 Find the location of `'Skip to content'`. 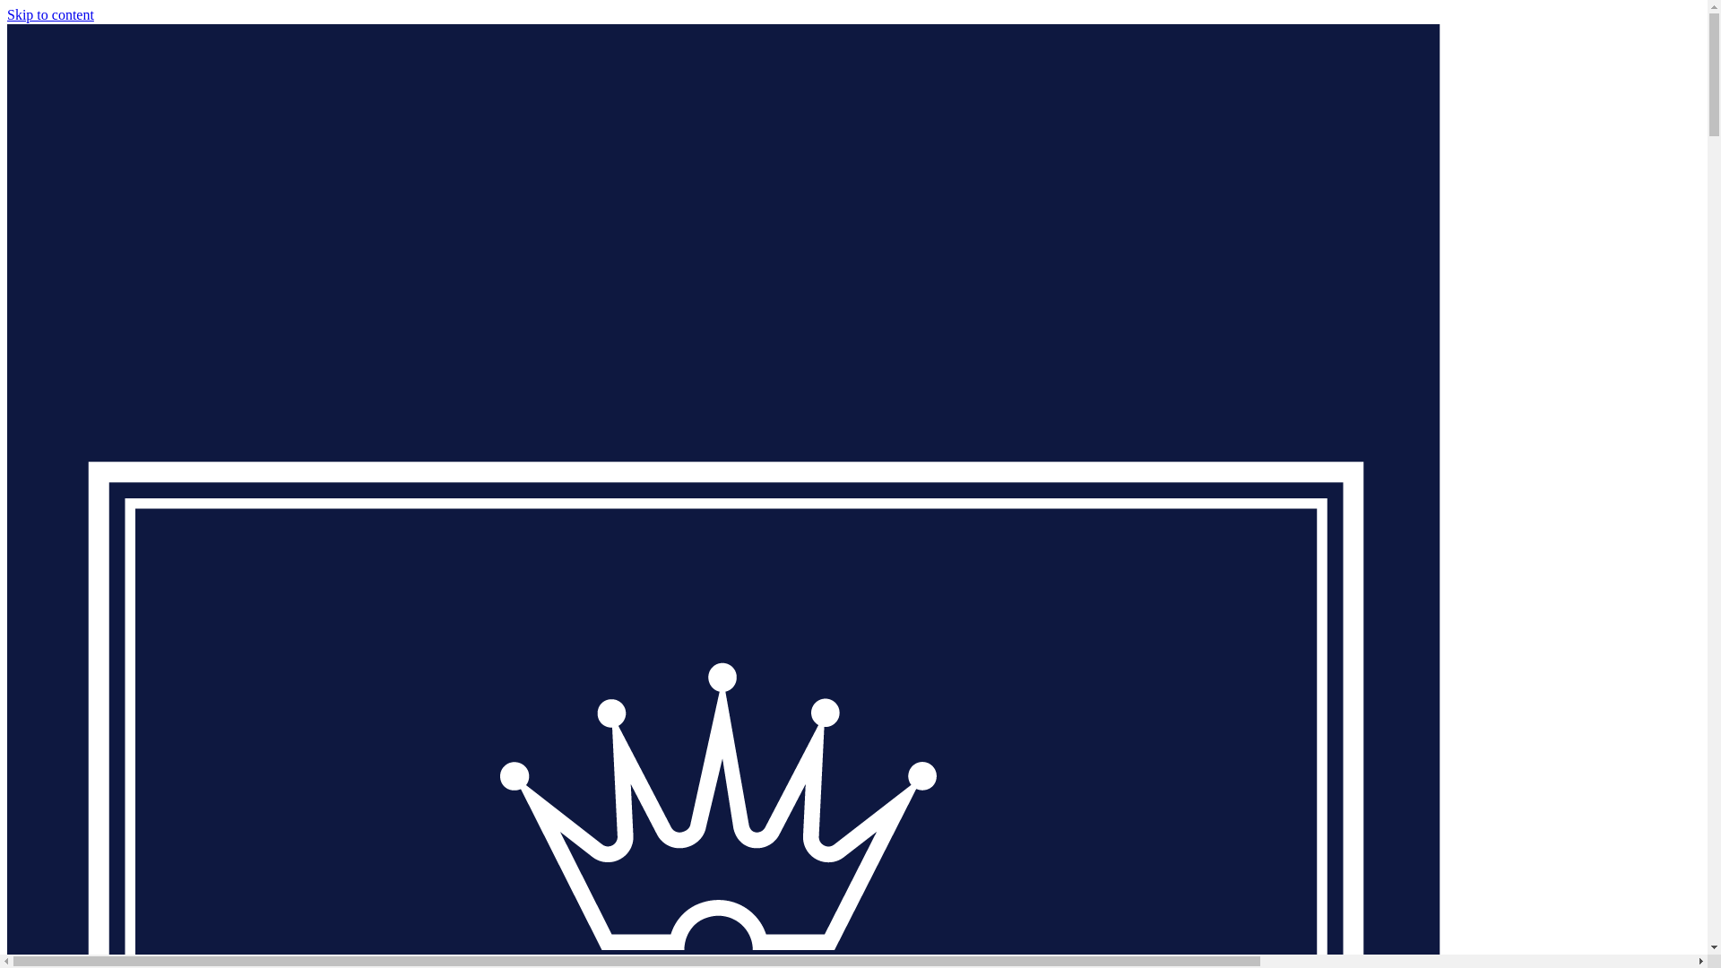

'Skip to content' is located at coordinates (50, 14).